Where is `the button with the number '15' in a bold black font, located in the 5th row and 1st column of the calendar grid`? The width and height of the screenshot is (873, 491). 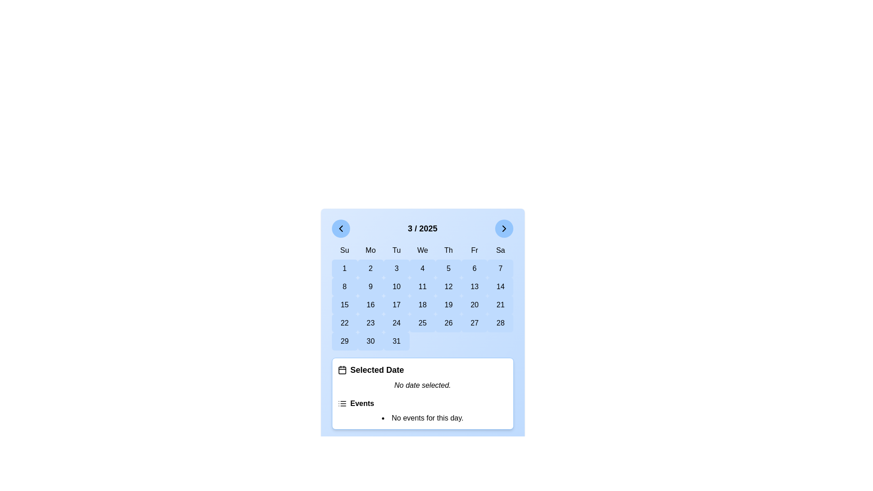
the button with the number '15' in a bold black font, located in the 5th row and 1st column of the calendar grid is located at coordinates (344, 305).